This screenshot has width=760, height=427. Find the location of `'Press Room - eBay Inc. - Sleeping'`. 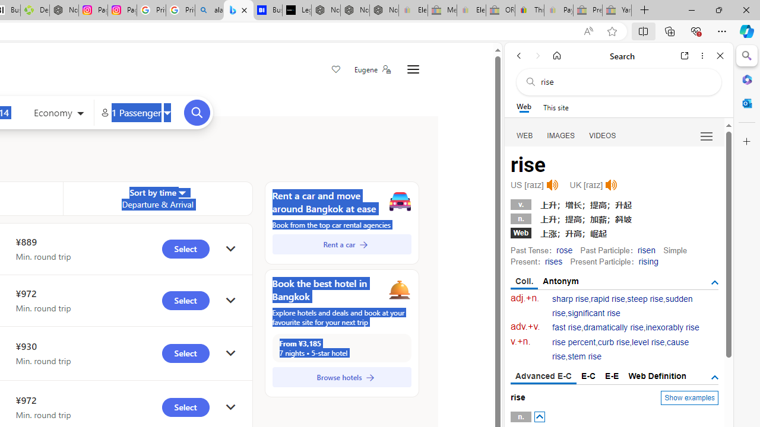

'Press Room - eBay Inc. - Sleeping' is located at coordinates (588, 10).